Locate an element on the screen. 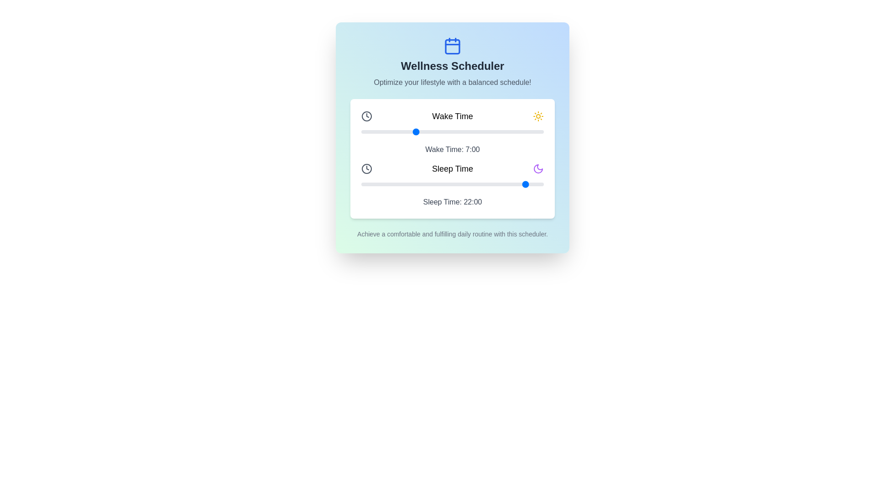  the calendar schedule icon located above the 'Wellness Scheduler' text in the interface is located at coordinates (453, 46).